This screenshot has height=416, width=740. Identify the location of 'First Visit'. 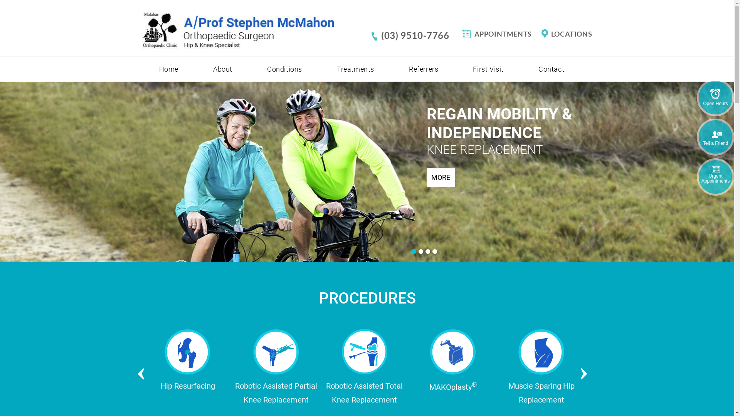
(455, 69).